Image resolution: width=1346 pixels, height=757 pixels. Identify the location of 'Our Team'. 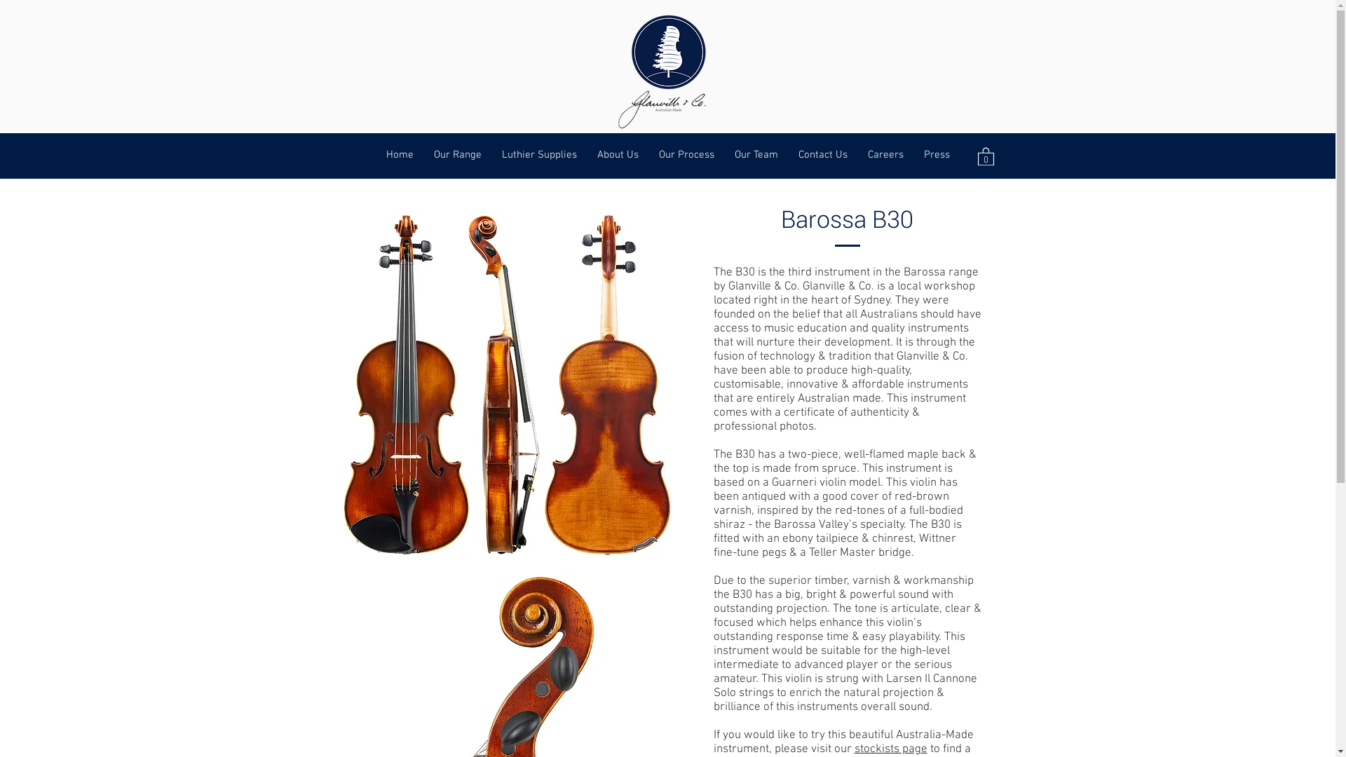
(756, 154).